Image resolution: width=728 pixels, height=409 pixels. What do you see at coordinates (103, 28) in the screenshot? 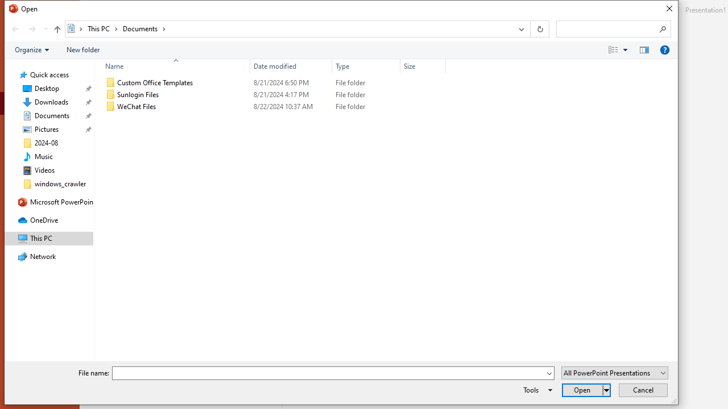
I see `'This PC'` at bounding box center [103, 28].